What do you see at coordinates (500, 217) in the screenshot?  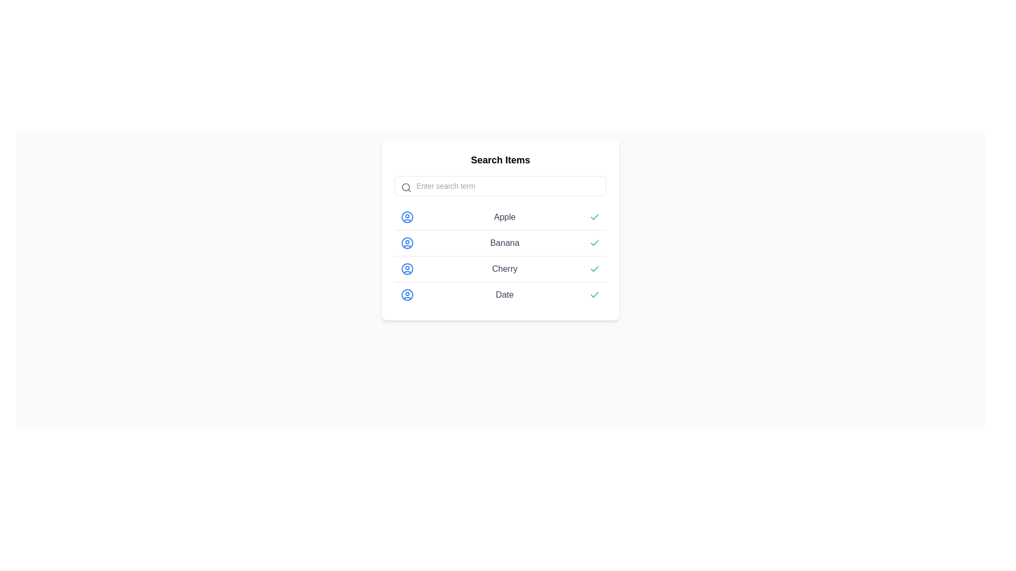 I see `the first selectable list item for 'Apple' under the 'Search Items' heading` at bounding box center [500, 217].